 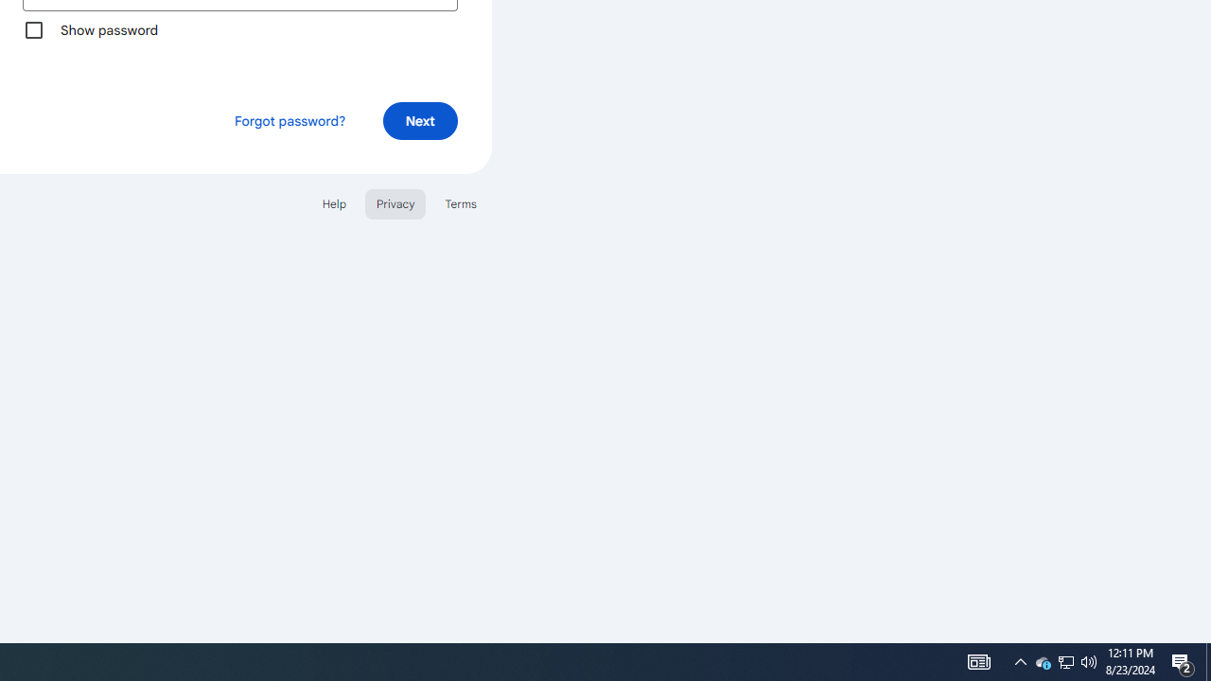 What do you see at coordinates (288, 120) in the screenshot?
I see `'Forgot password?'` at bounding box center [288, 120].